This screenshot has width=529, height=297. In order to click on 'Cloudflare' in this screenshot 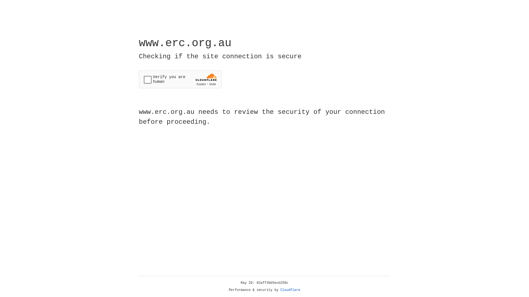, I will do `click(290, 290)`.